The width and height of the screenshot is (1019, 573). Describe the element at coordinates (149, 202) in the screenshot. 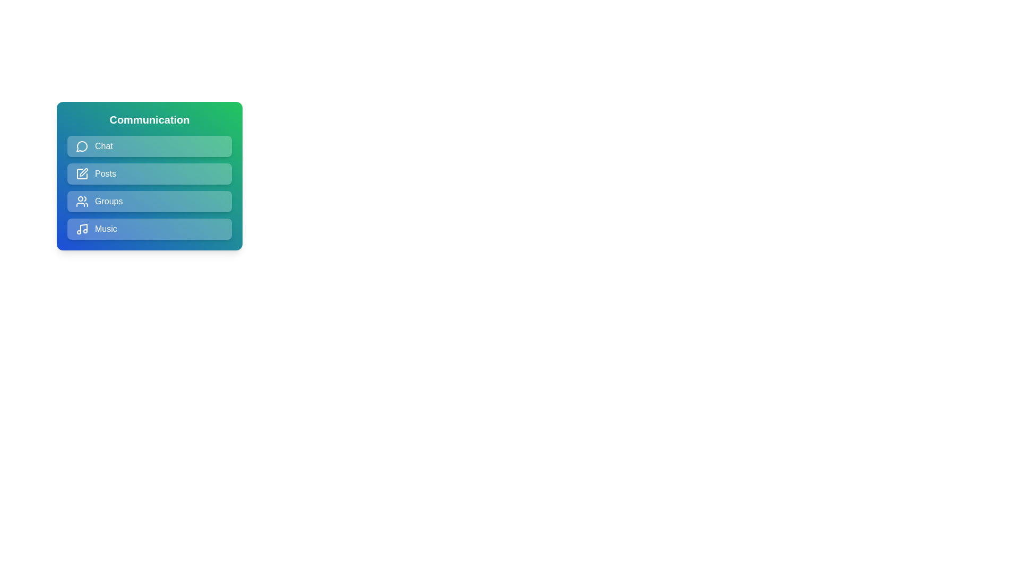

I see `the menu item labeled Groups` at that location.